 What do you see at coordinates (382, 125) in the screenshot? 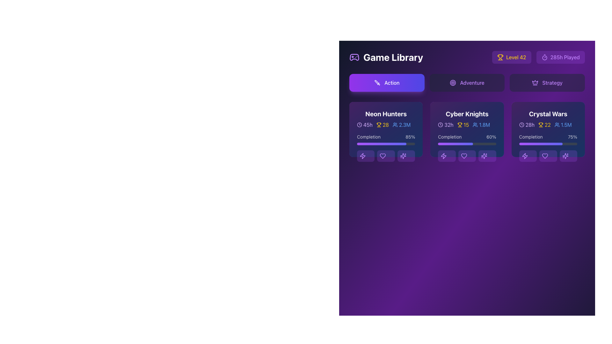
I see `the trophy icon with the number '28' in the 'Neon Hunters' game card, which is styled in yellow and positioned centrally in a line of information` at bounding box center [382, 125].